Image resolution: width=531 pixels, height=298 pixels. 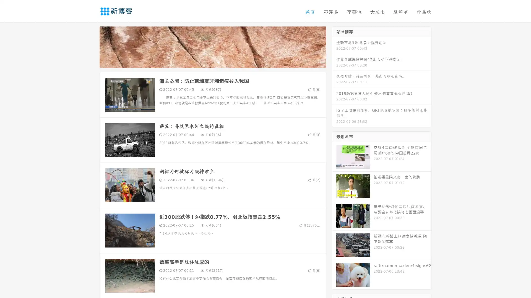 What do you see at coordinates (334, 46) in the screenshot?
I see `Next slide` at bounding box center [334, 46].